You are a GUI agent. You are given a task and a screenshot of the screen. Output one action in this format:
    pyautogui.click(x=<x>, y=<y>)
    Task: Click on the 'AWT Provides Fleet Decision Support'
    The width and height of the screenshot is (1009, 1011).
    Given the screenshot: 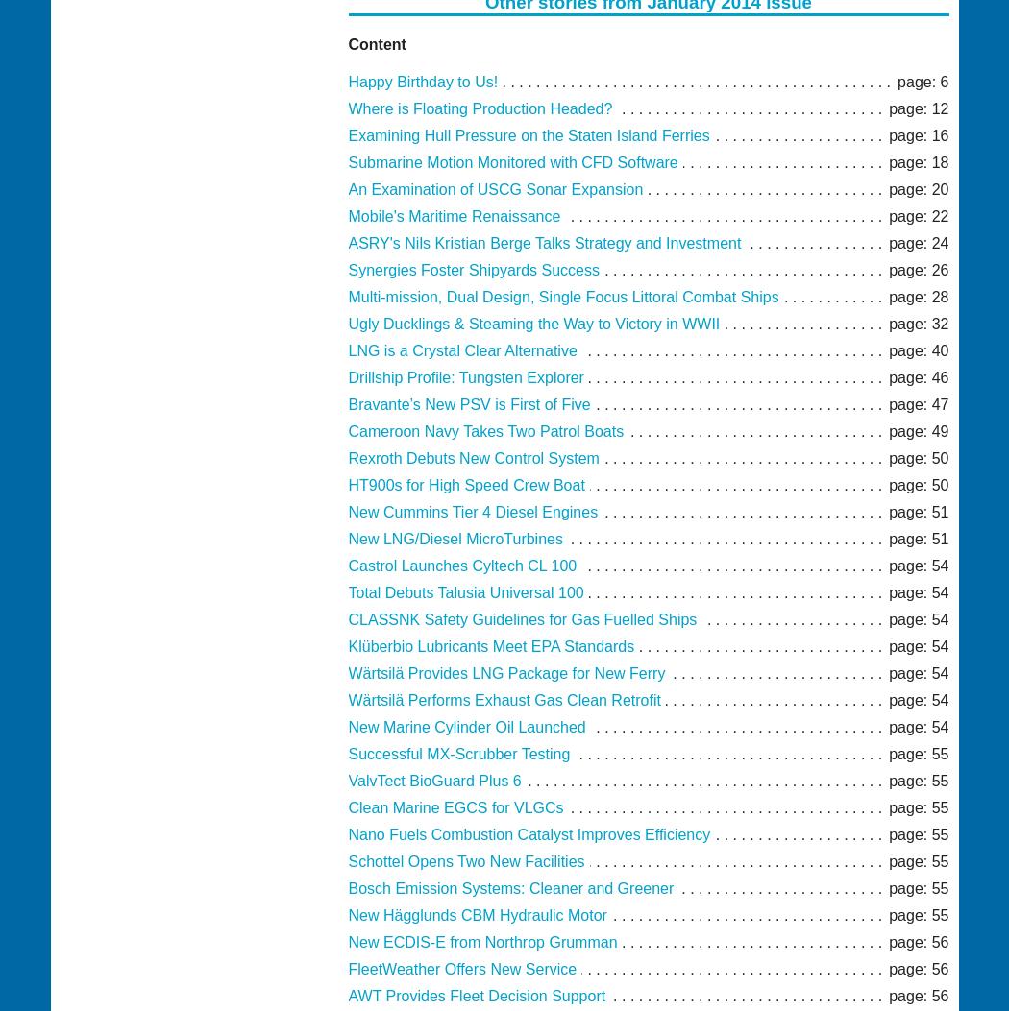 What is the action you would take?
    pyautogui.click(x=476, y=995)
    